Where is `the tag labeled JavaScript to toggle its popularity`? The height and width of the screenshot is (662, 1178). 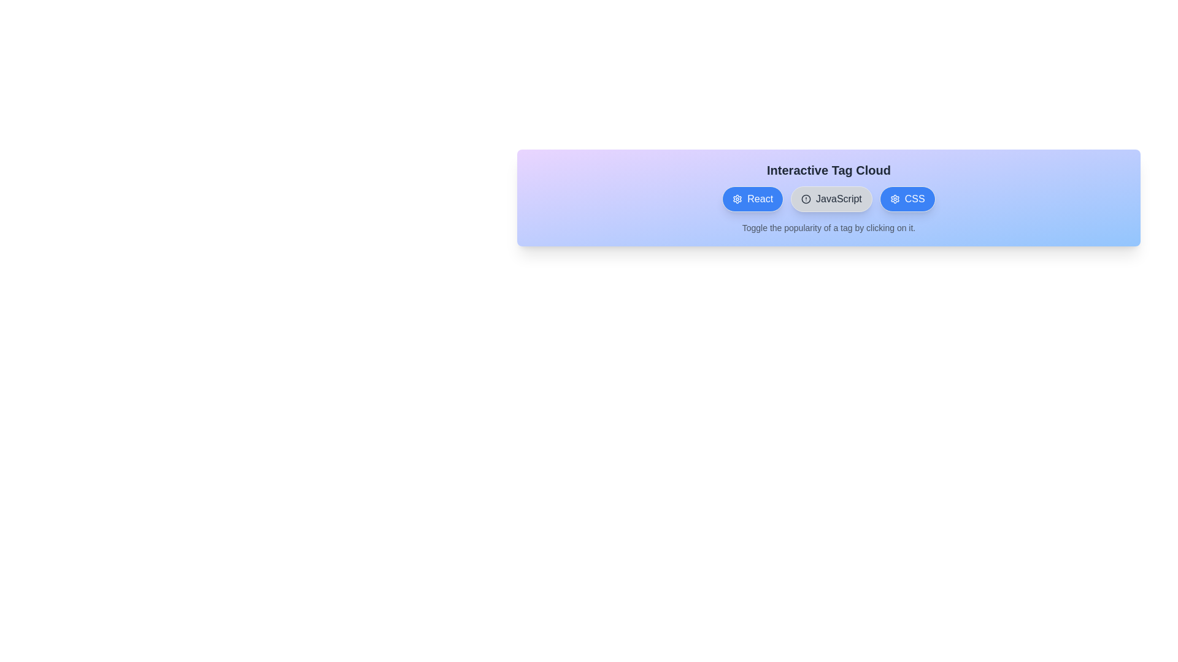 the tag labeled JavaScript to toggle its popularity is located at coordinates (831, 198).